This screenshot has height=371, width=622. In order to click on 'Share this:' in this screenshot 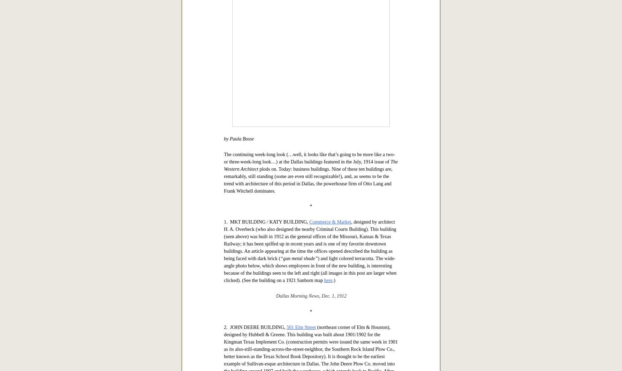, I will do `click(233, 70)`.